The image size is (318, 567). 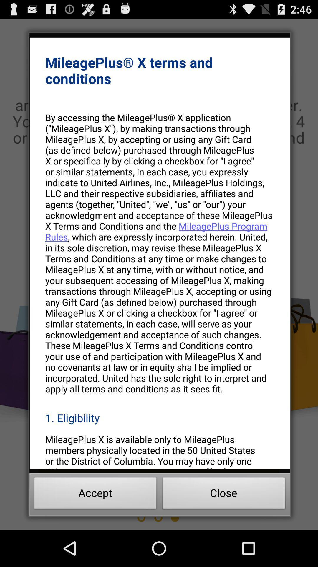 I want to click on the by accessing the, so click(x=160, y=253).